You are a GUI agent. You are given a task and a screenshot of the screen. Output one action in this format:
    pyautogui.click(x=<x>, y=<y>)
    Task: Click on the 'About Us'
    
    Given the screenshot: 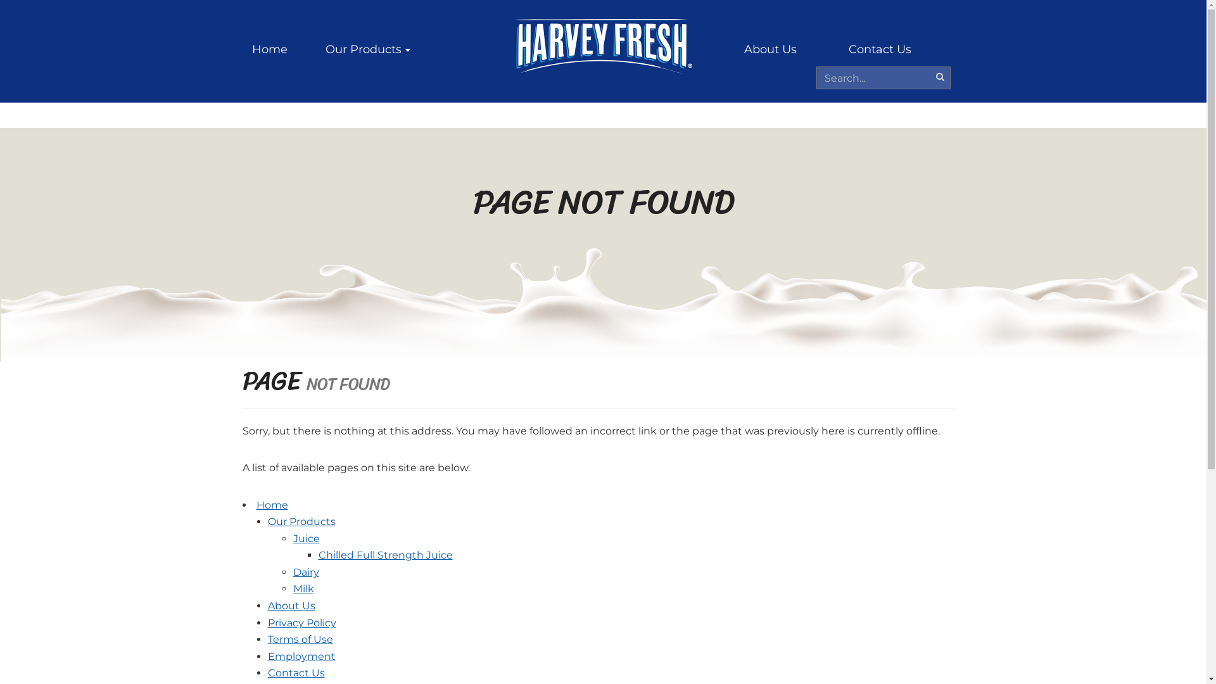 What is the action you would take?
    pyautogui.click(x=769, y=49)
    